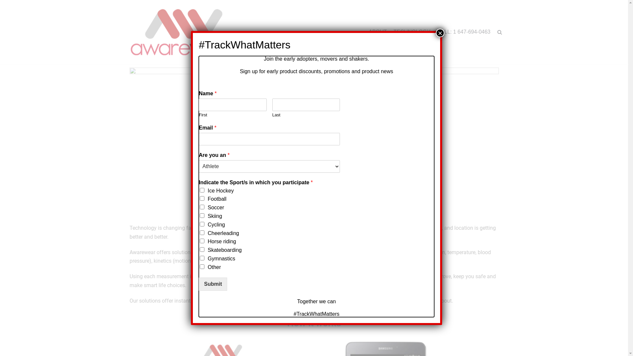 The image size is (633, 356). What do you see at coordinates (488, 46) in the screenshot?
I see `'Search'` at bounding box center [488, 46].